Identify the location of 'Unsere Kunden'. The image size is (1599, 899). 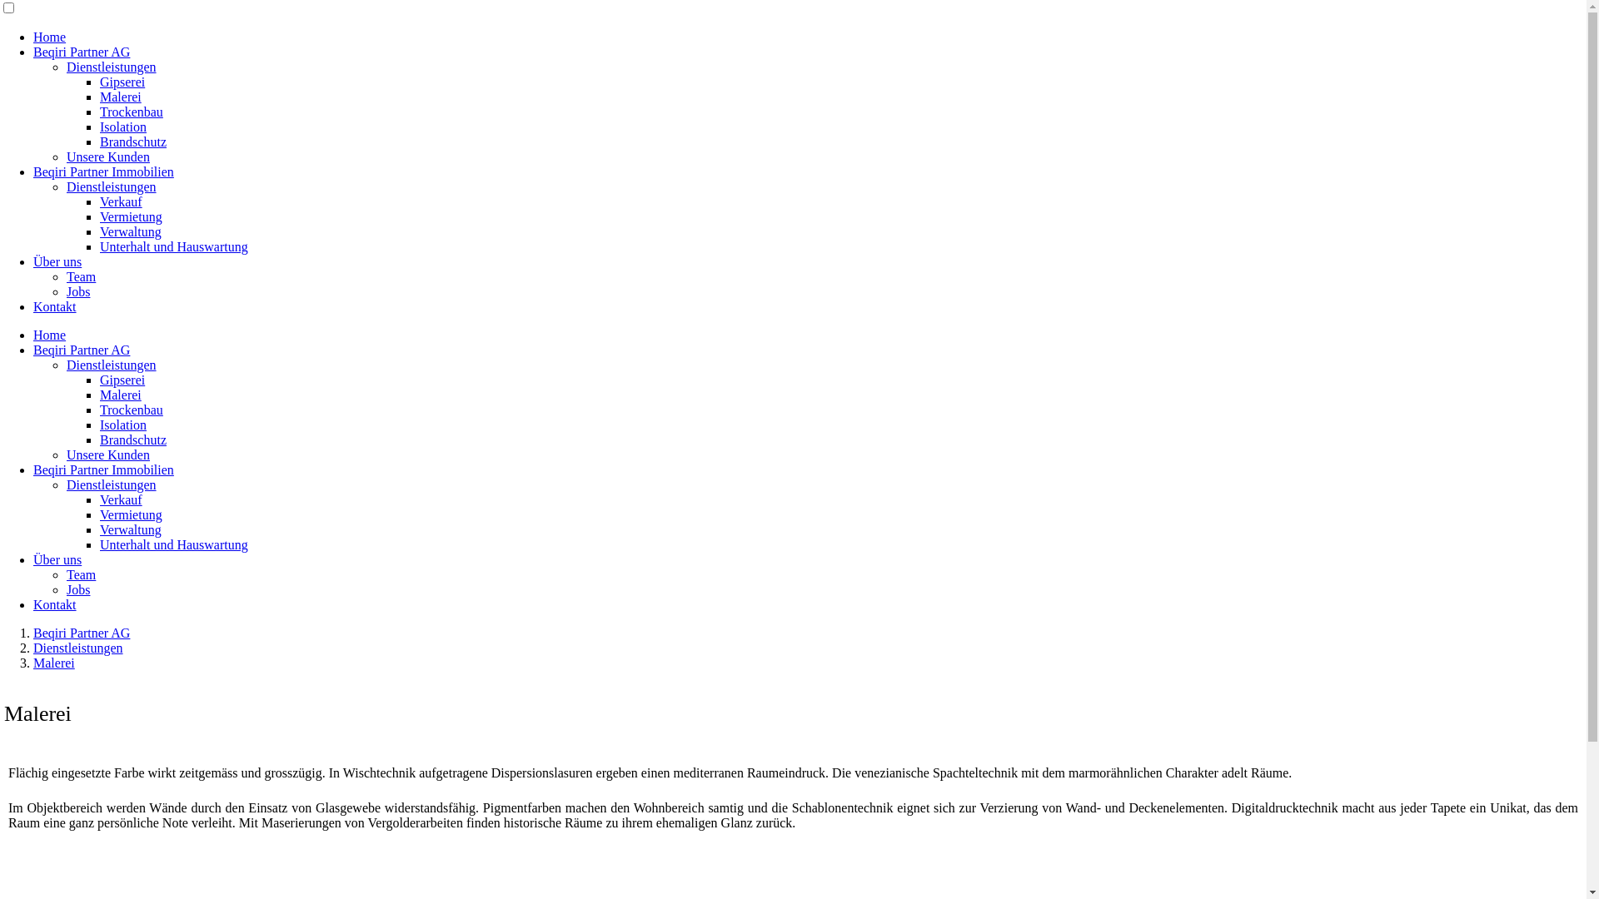
(107, 454).